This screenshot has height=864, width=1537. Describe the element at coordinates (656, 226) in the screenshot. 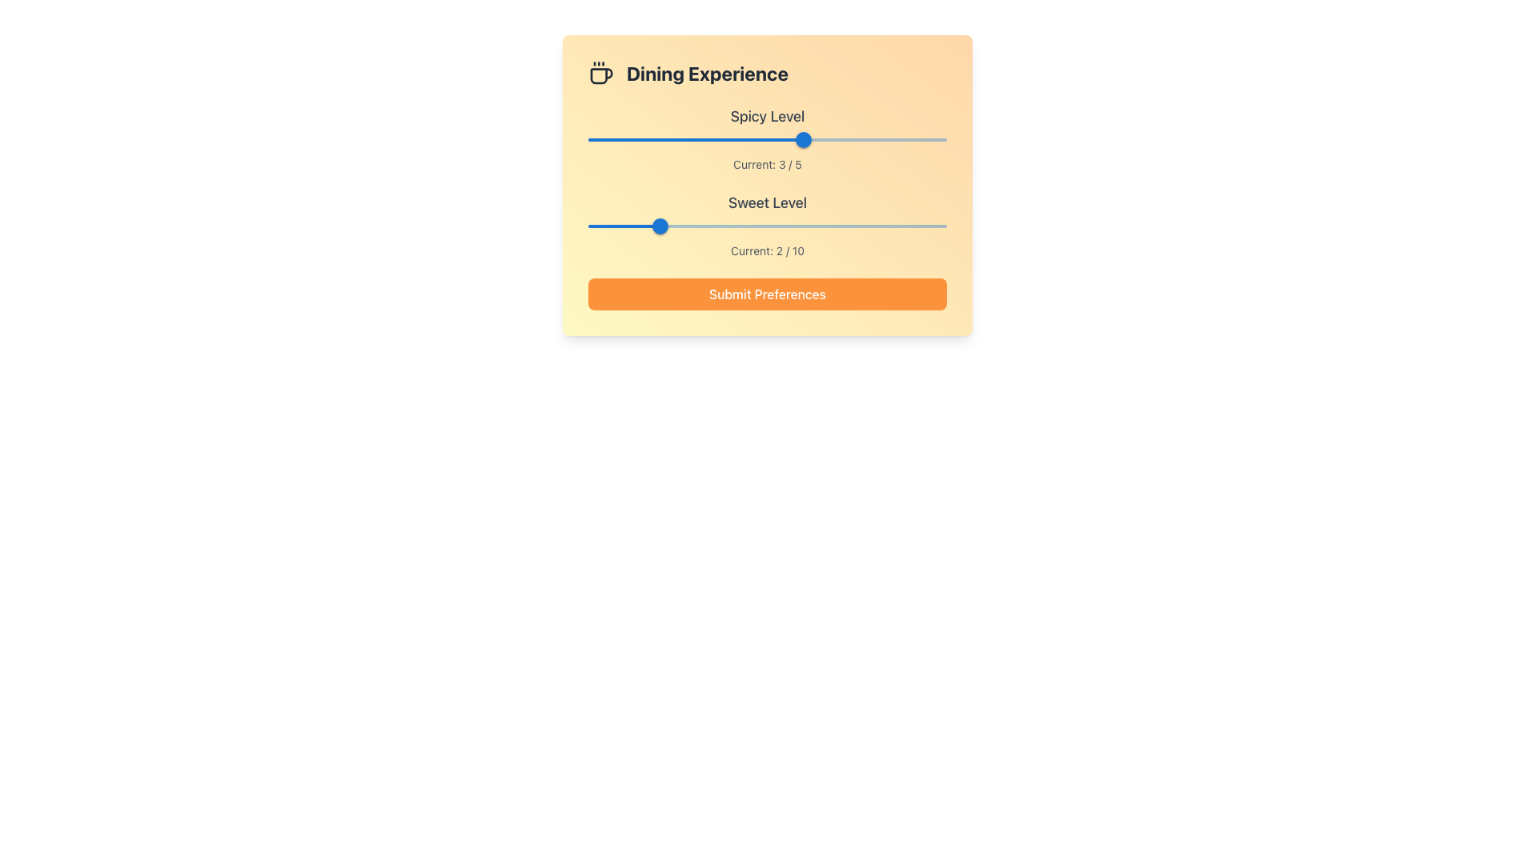

I see `slider` at that location.